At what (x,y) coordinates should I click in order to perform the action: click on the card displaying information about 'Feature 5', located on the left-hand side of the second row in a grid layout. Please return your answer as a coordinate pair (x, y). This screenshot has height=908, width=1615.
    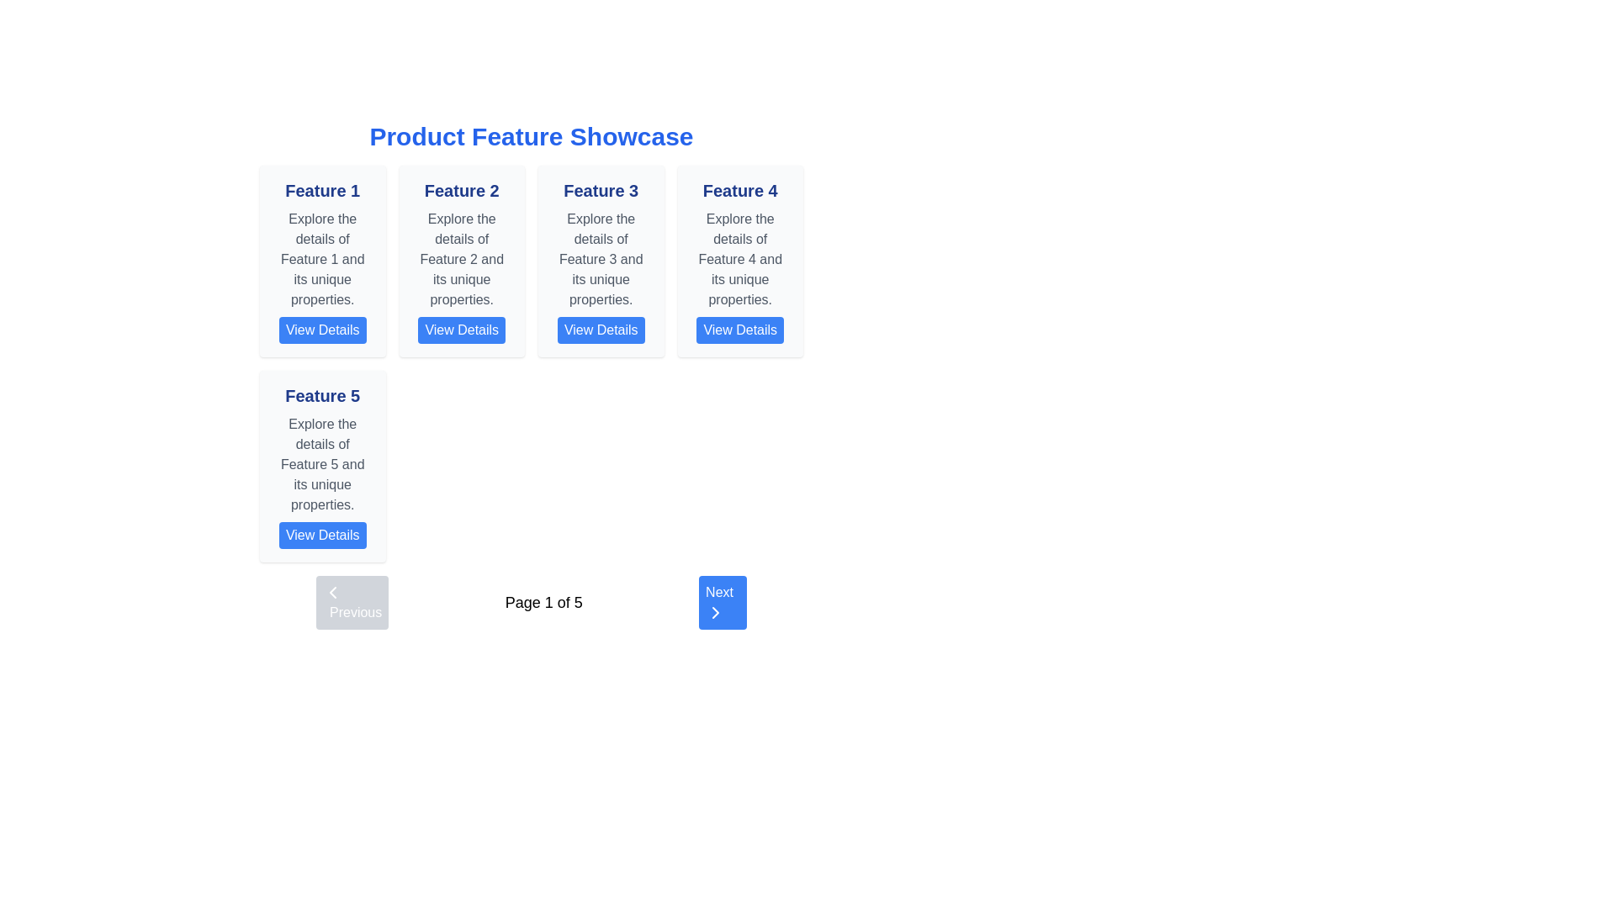
    Looking at the image, I should click on (322, 467).